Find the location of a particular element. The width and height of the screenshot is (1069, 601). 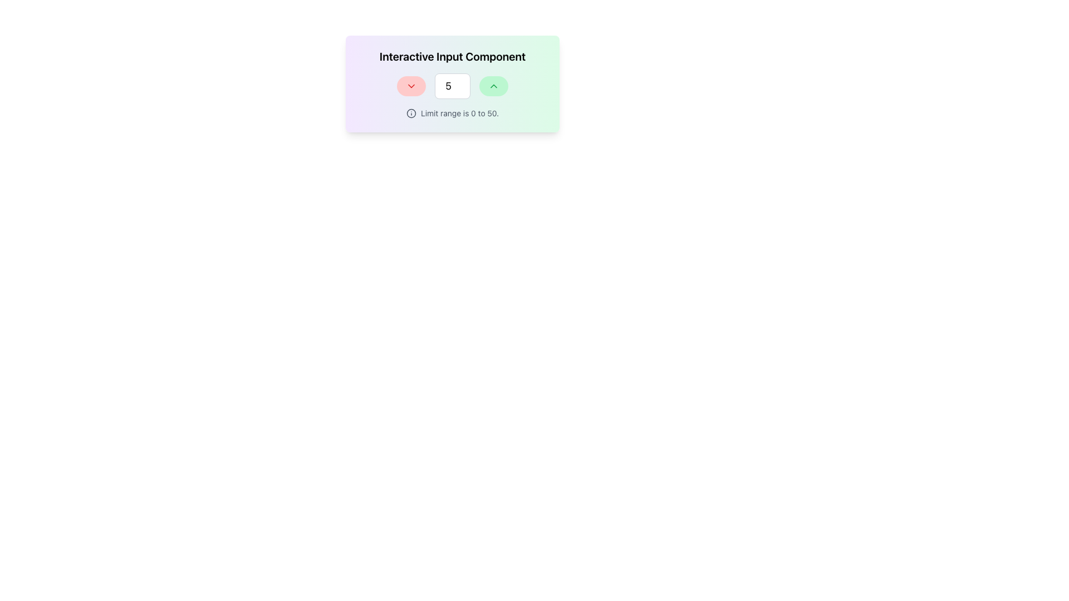

the green upward-pointing chevron icon button located within a circular green background to increase a value is located at coordinates (493, 85).